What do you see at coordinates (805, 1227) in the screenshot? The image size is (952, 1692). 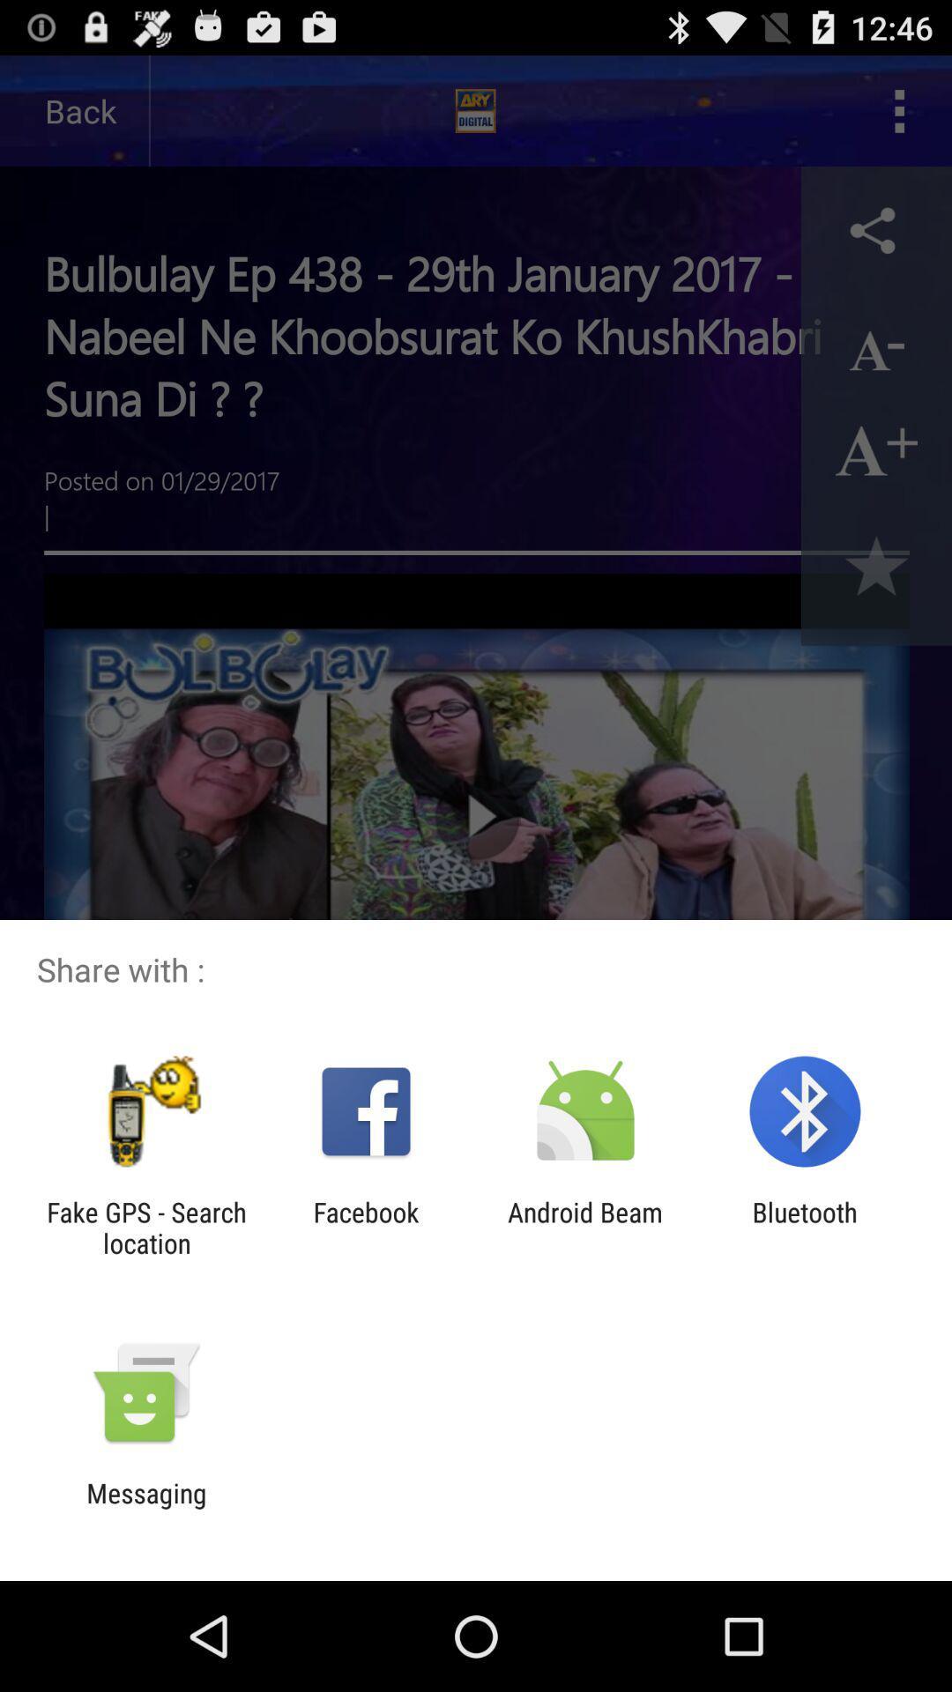 I see `the bluetooth item` at bounding box center [805, 1227].